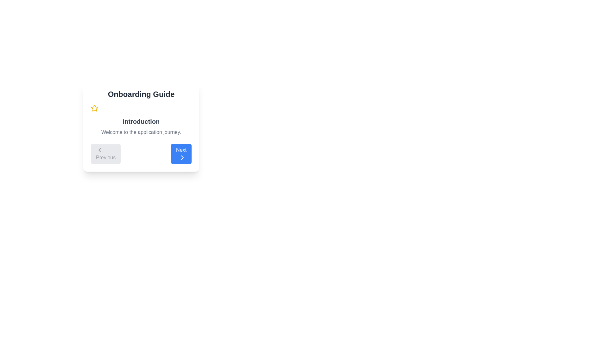 The image size is (608, 342). Describe the element at coordinates (141, 127) in the screenshot. I see `the text display element that contains the word 'Introduction' in bold dark-gray text and the phrase 'Welcome to the application journey.' in lighter gray text, located within a centered card interface` at that location.